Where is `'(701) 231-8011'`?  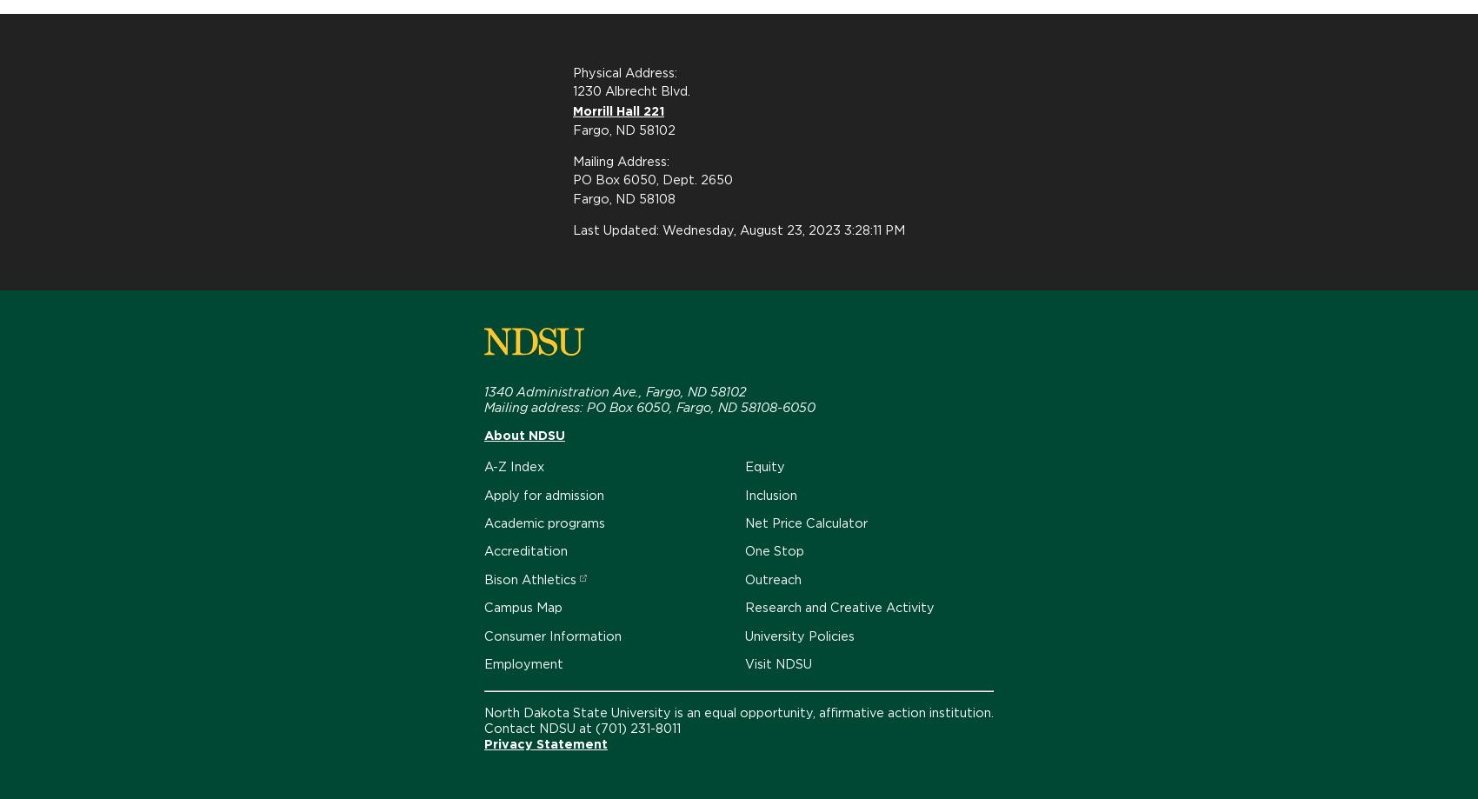 '(701) 231-8011' is located at coordinates (595, 727).